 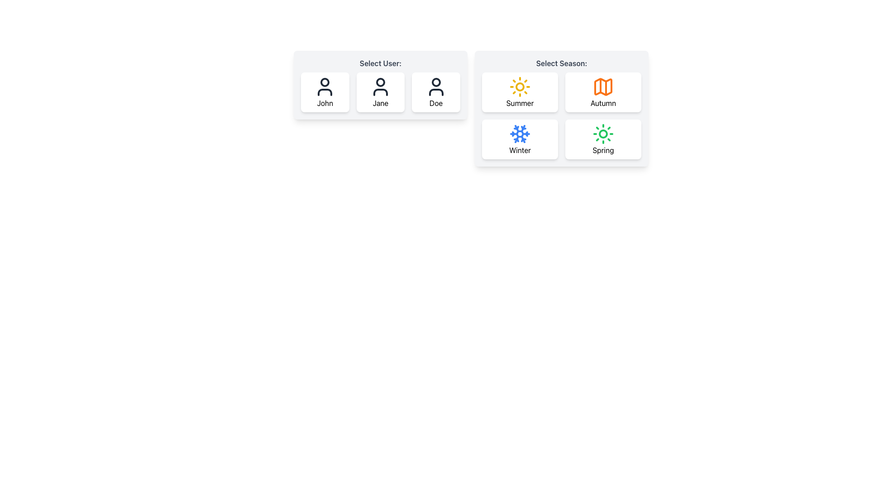 What do you see at coordinates (603, 92) in the screenshot?
I see `the button with a white background and an orange map icon labeled 'Autumn'` at bounding box center [603, 92].